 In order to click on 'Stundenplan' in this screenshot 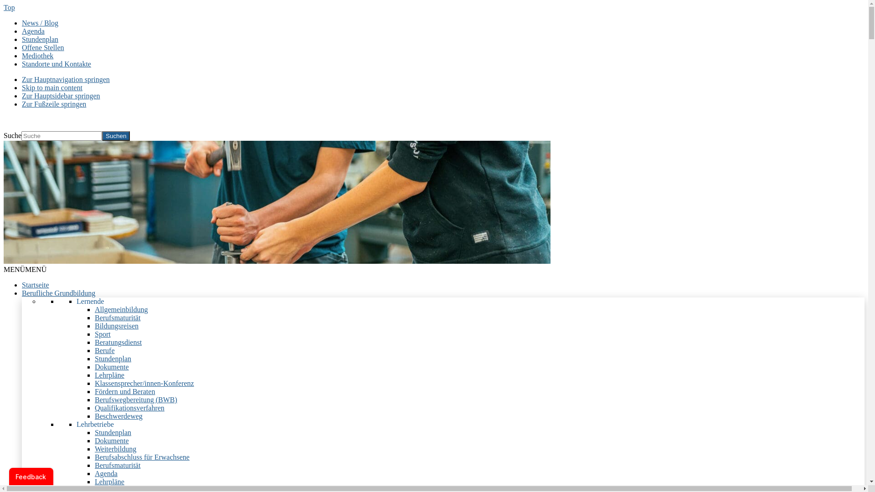, I will do `click(39, 39)`.